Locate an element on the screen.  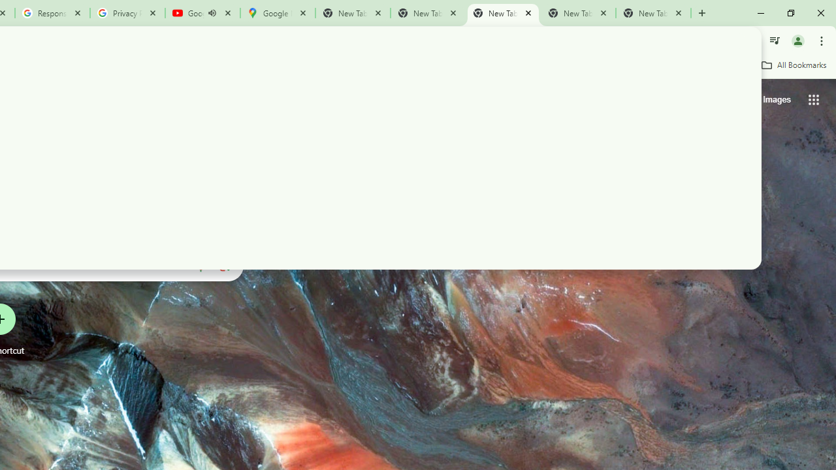
'Mute tab' is located at coordinates (212, 13).